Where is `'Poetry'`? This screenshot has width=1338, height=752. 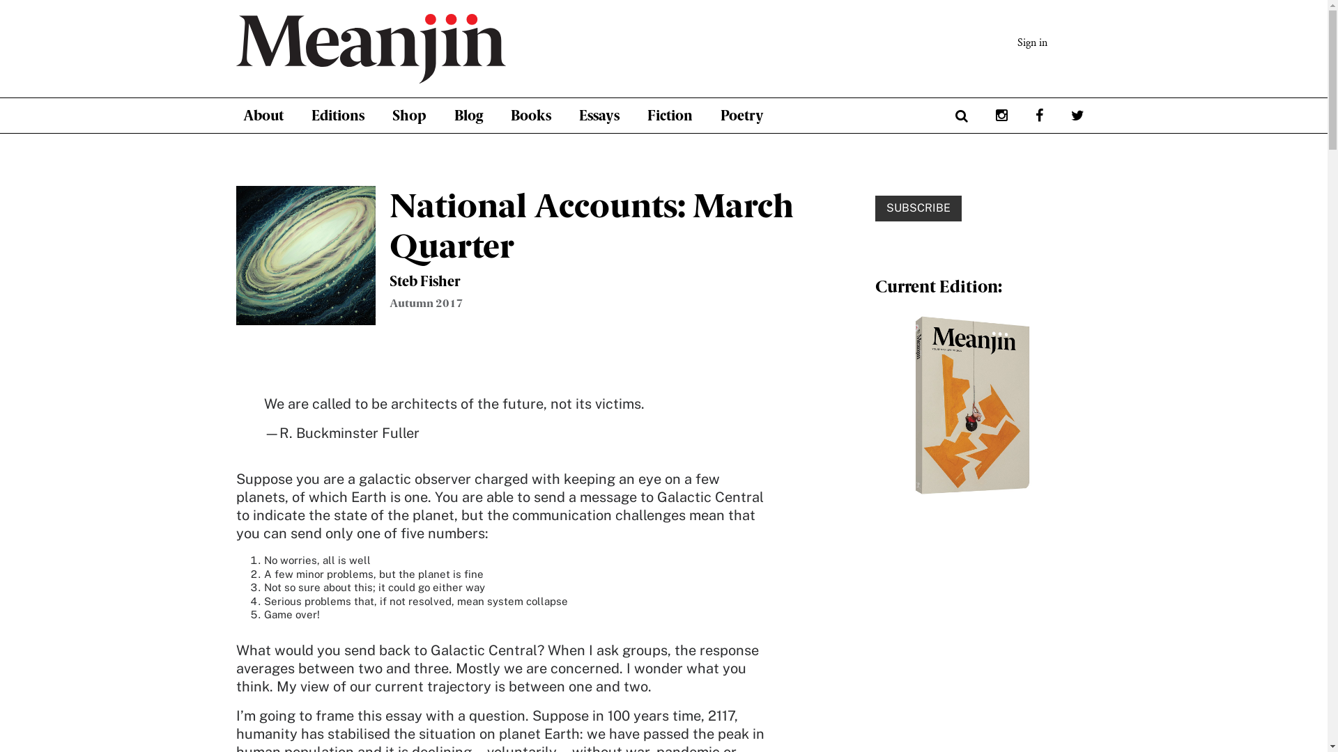 'Poetry' is located at coordinates (741, 114).